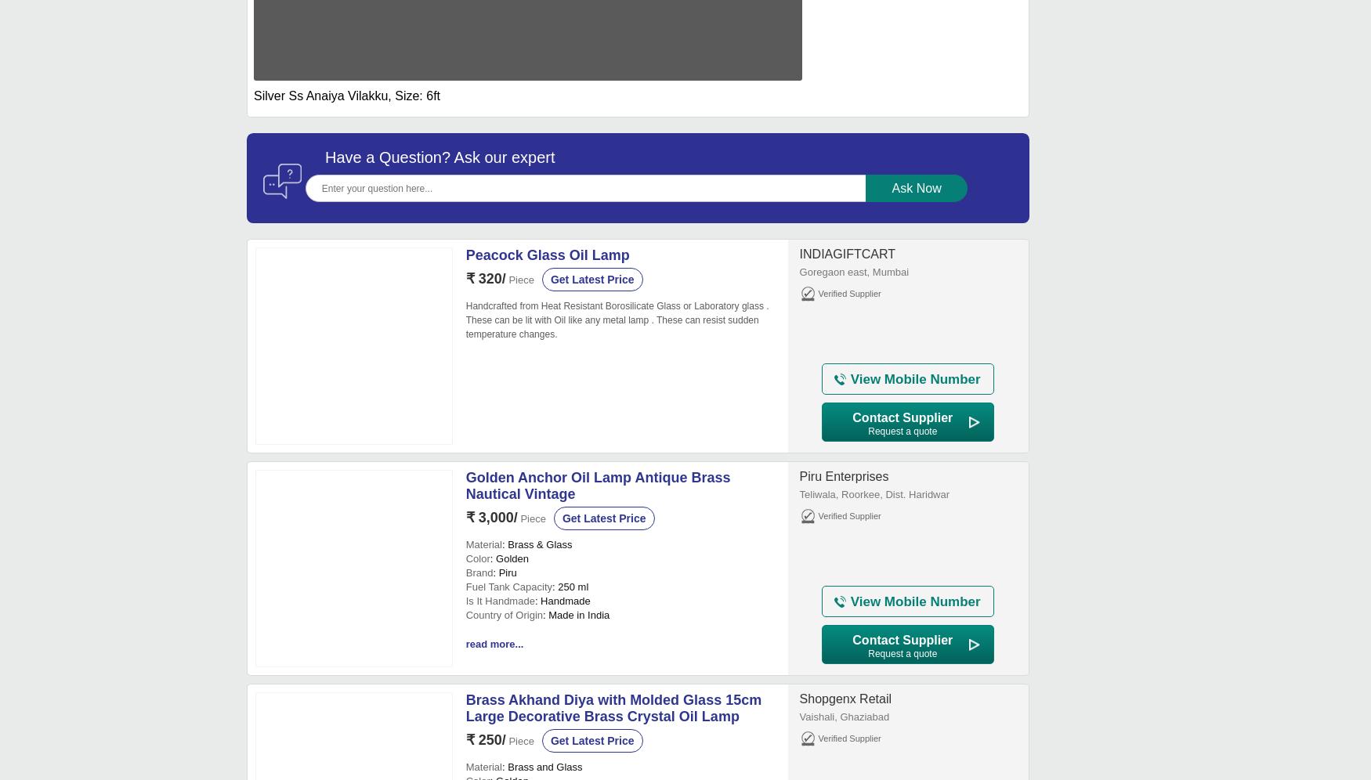 This screenshot has width=1371, height=780. What do you see at coordinates (612, 707) in the screenshot?
I see `'Brass Akhand Diya with Molded Glass 15cm Large Decorative Brass Crystal Oil Lamp'` at bounding box center [612, 707].